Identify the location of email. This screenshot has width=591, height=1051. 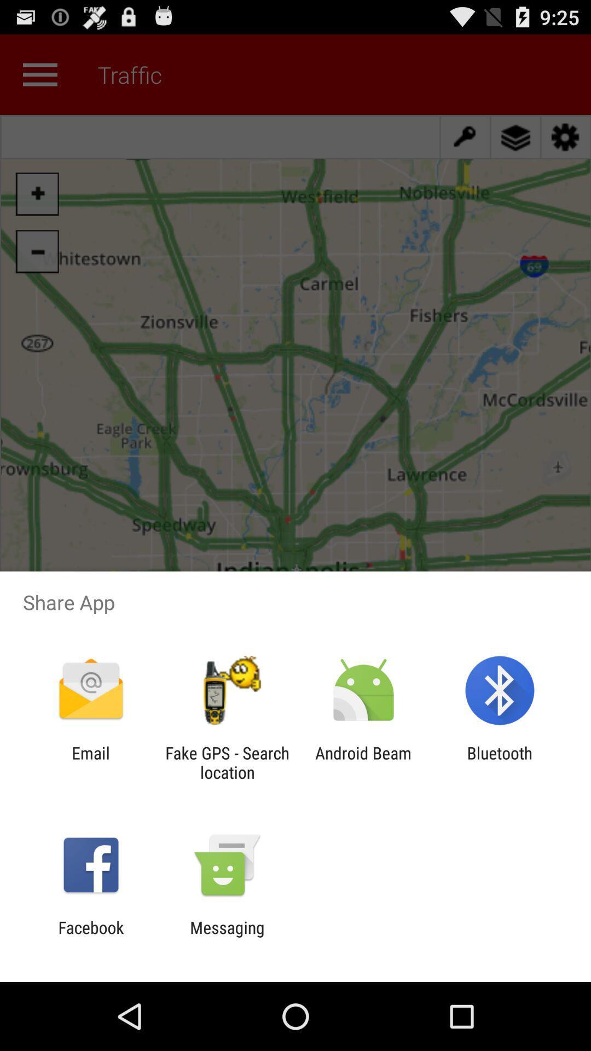
(90, 762).